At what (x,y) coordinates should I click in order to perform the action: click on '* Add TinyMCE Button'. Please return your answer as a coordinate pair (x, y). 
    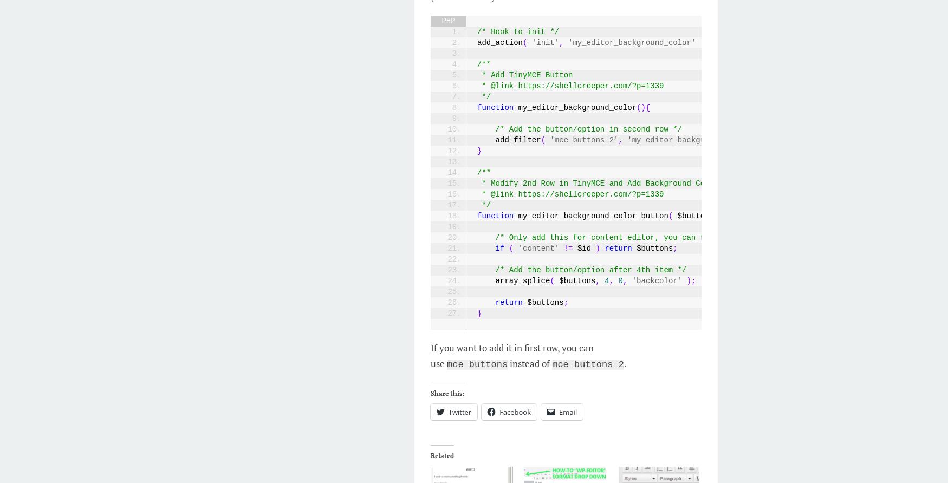
    Looking at the image, I should click on (476, 74).